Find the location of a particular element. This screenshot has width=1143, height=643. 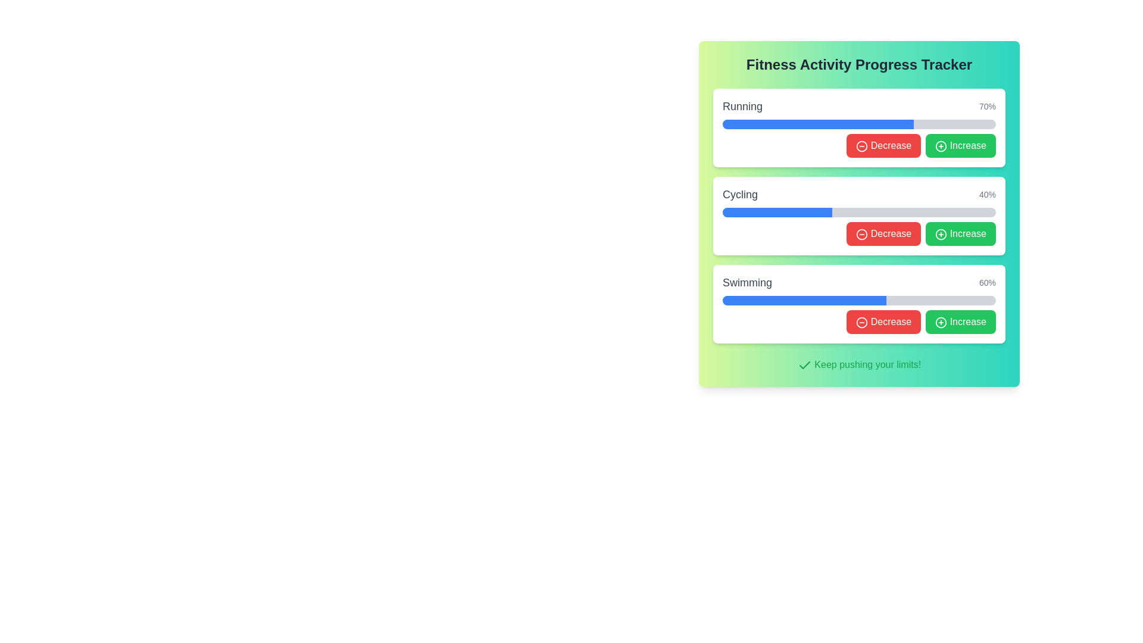

the Progress Bar representing the progress of the 'Cycling' activity in the Fitness Activity Progress Tracker interface is located at coordinates (859, 212).